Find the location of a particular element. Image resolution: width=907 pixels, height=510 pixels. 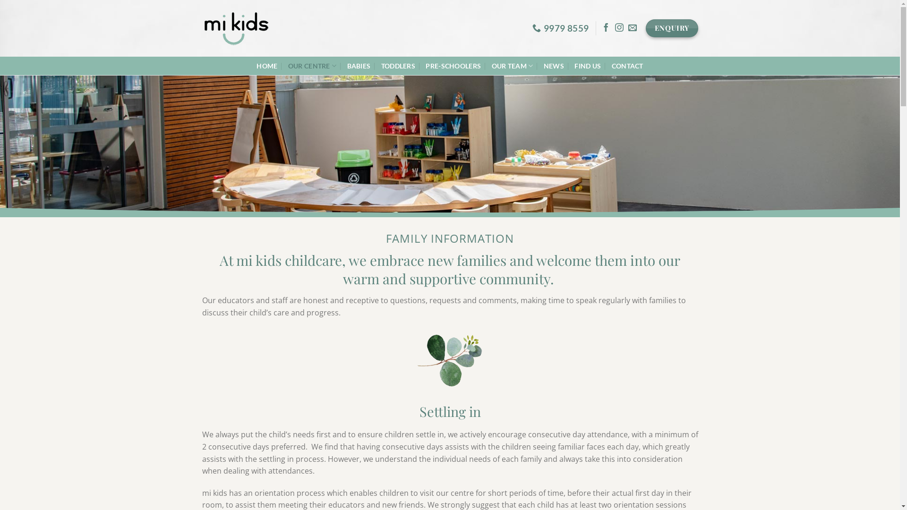

'OUR TEAM' is located at coordinates (512, 65).